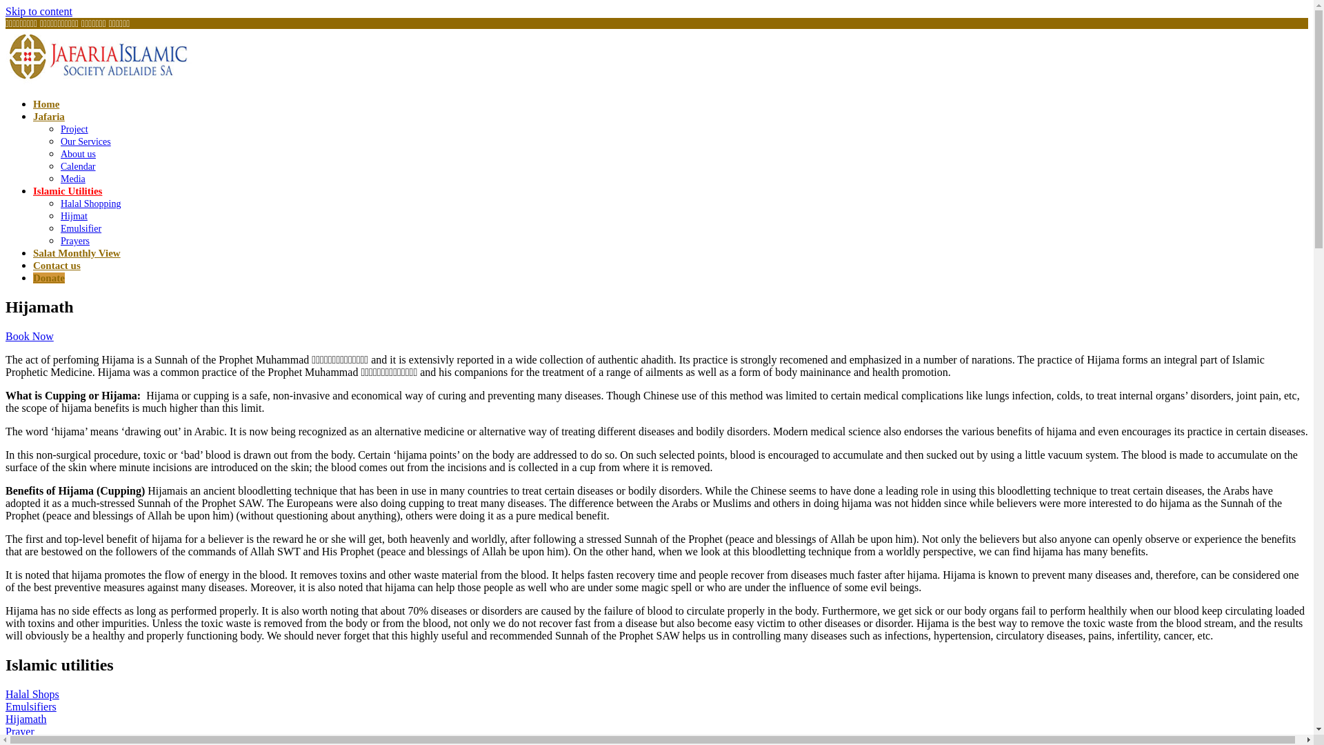 The image size is (1324, 745). I want to click on 'Prayer', so click(19, 731).